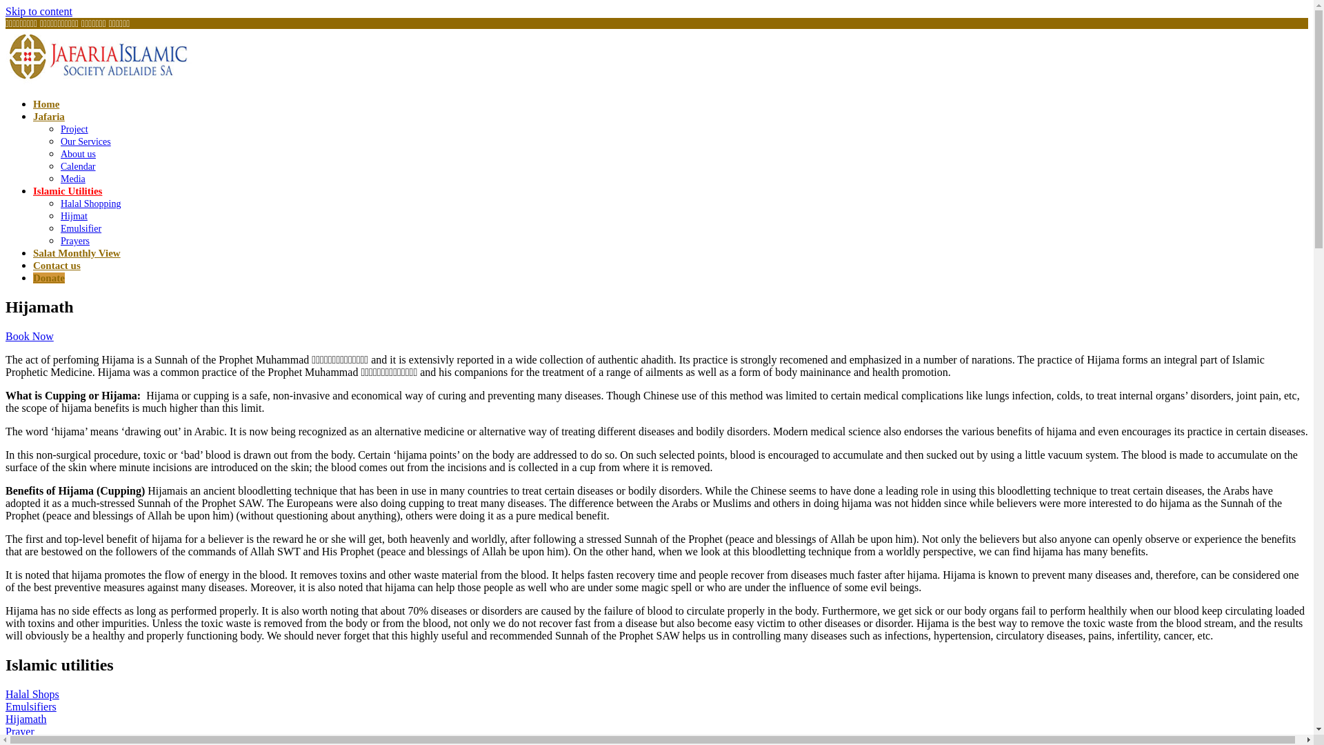 The image size is (1324, 745). I want to click on 'Prayer', so click(19, 731).